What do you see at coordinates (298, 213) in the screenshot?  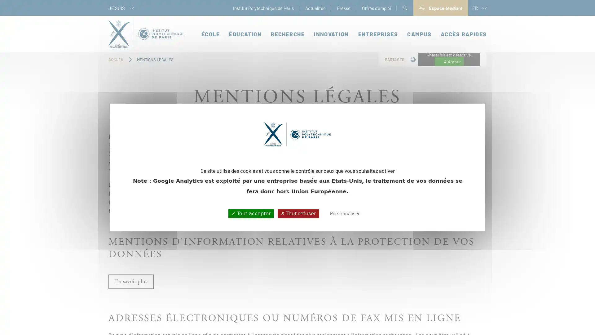 I see `Tout refuser` at bounding box center [298, 213].